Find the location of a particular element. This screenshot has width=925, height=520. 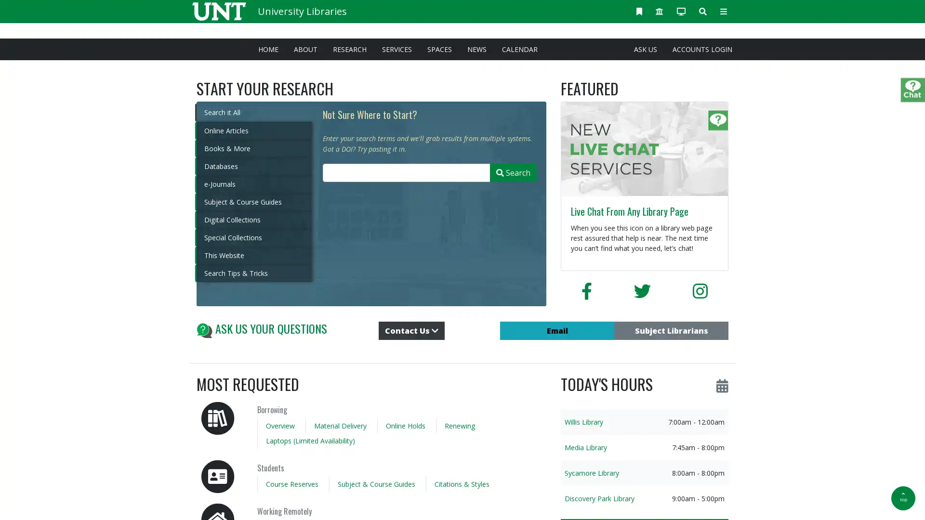

Contact Us Toggle Dropdown is located at coordinates (411, 330).